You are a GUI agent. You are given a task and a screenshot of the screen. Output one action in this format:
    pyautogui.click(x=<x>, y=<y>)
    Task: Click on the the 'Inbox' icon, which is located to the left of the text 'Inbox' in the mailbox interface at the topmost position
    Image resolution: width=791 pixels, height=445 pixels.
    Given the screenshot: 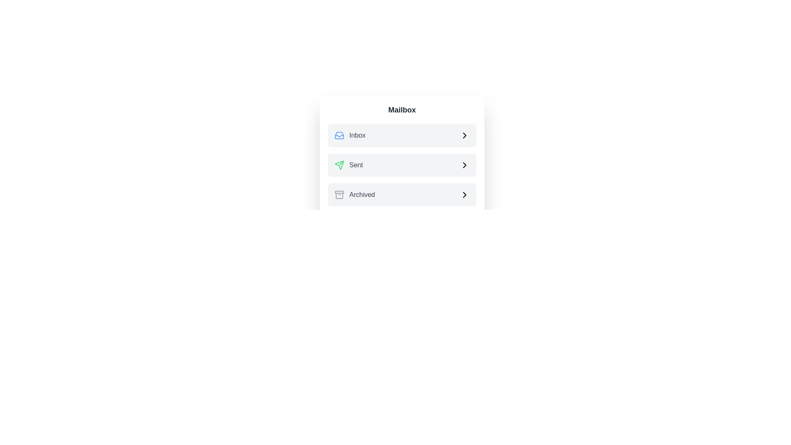 What is the action you would take?
    pyautogui.click(x=339, y=135)
    